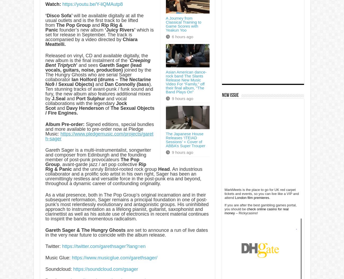  What do you see at coordinates (269, 198) in the screenshot?
I see `'.'` at bounding box center [269, 198].